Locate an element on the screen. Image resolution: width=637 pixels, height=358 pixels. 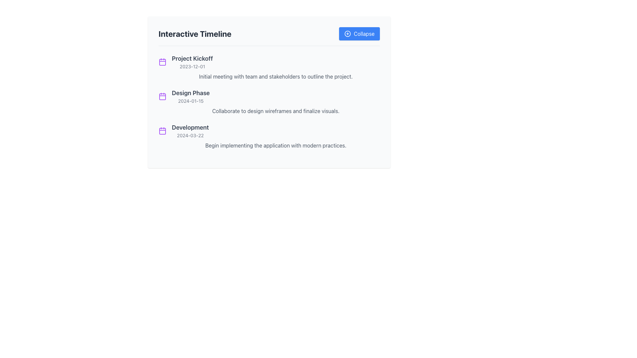
the Text Label marking the phase in the interactive timeline, positioned above '2024-03-22' is located at coordinates (190, 128).